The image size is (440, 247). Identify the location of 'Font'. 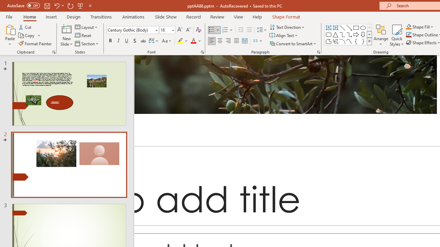
(130, 30).